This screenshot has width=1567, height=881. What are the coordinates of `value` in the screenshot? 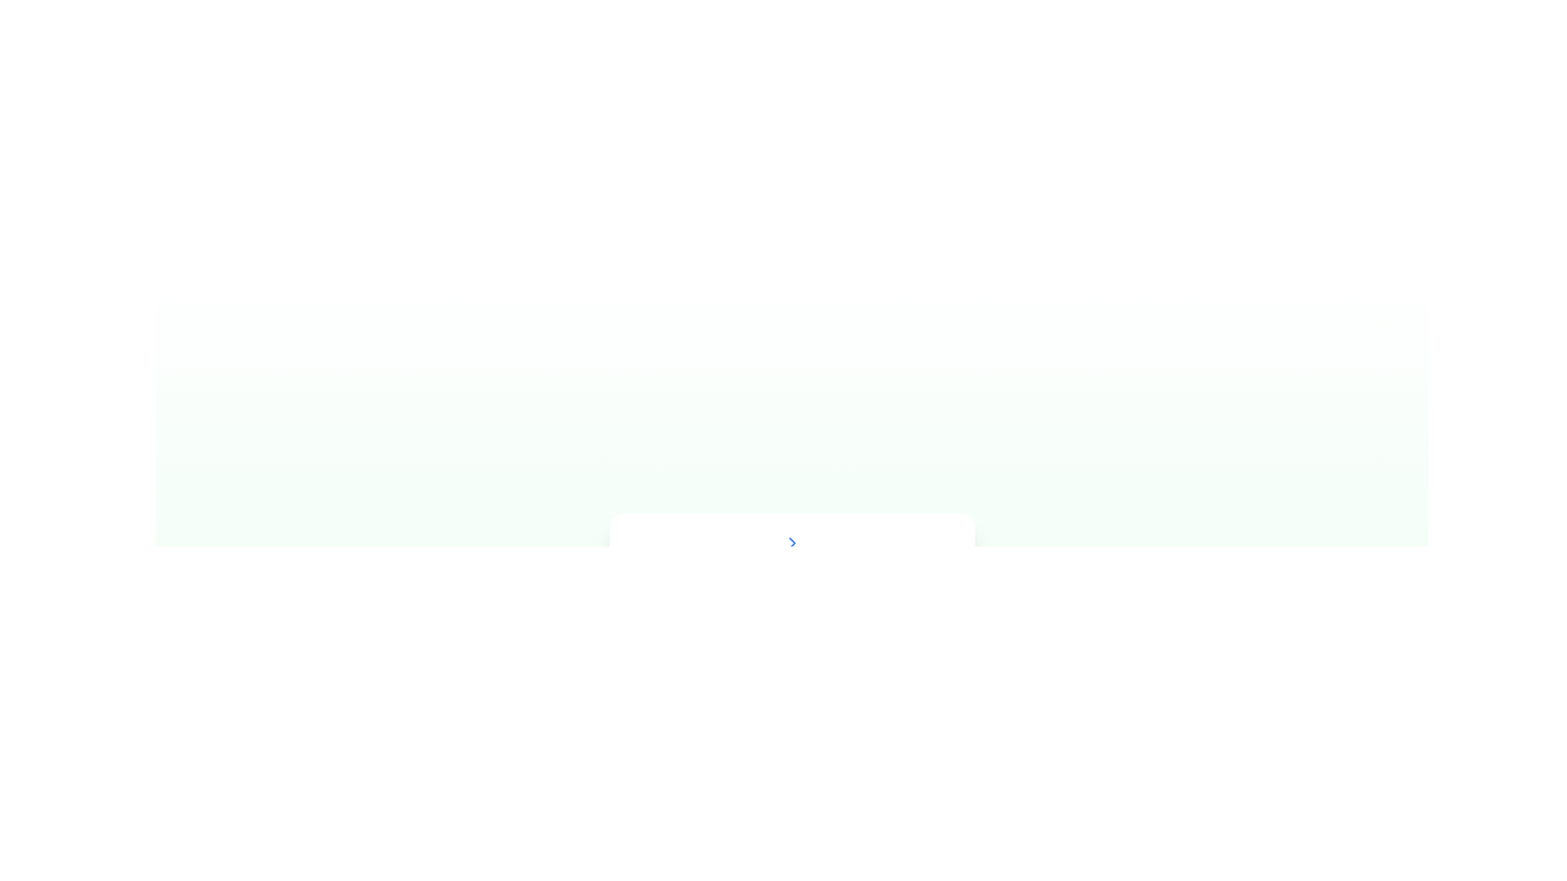 It's located at (728, 739).